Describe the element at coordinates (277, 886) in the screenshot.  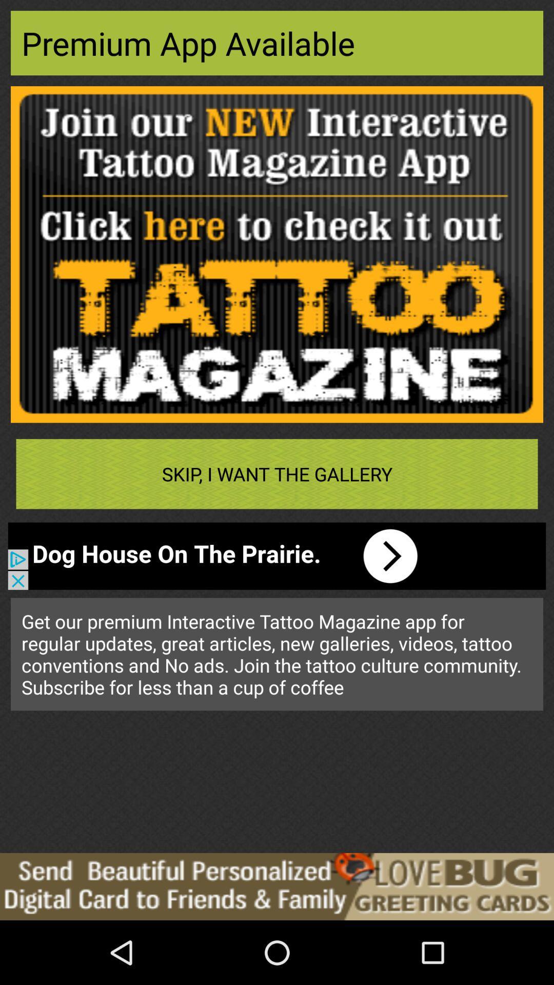
I see `click on the advertisement` at that location.